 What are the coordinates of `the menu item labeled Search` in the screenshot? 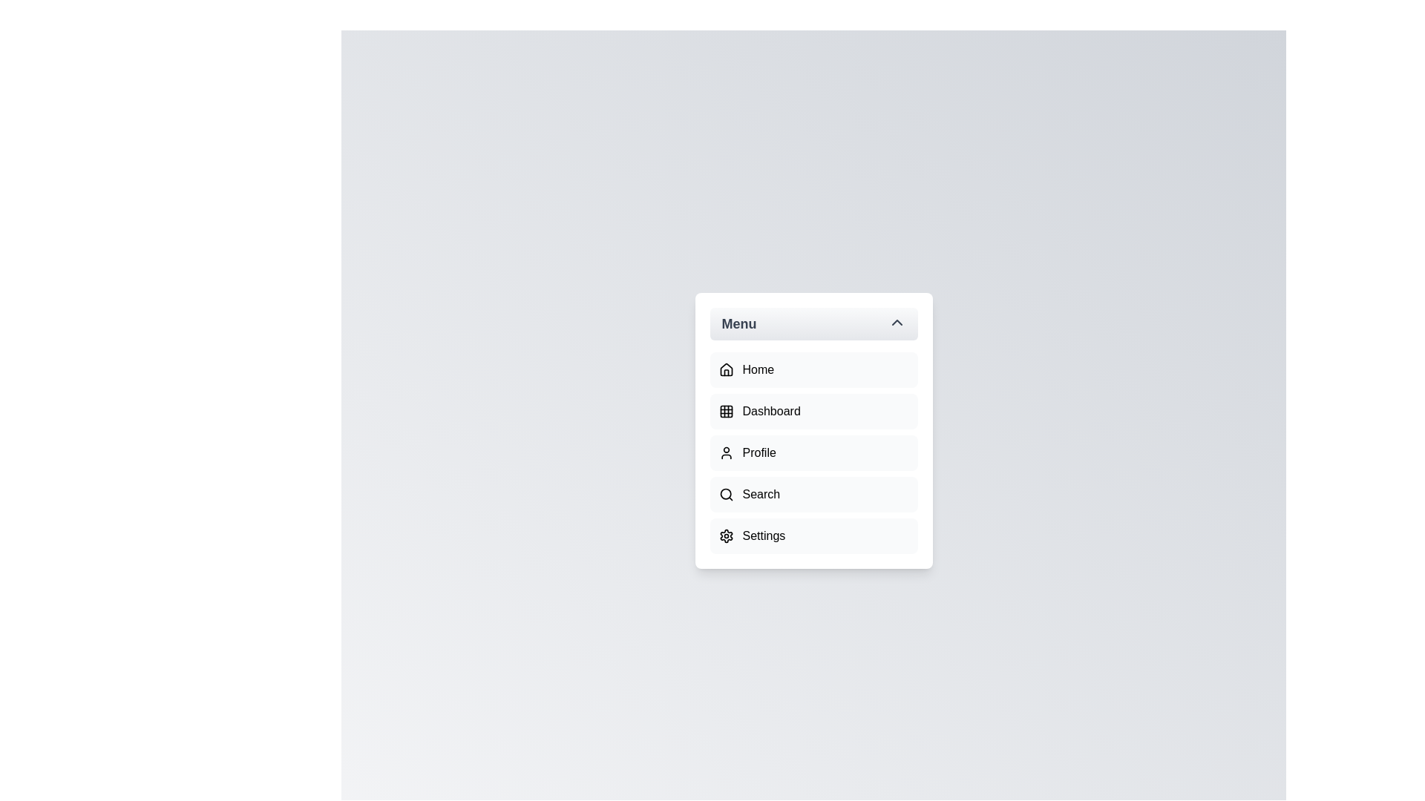 It's located at (813, 495).